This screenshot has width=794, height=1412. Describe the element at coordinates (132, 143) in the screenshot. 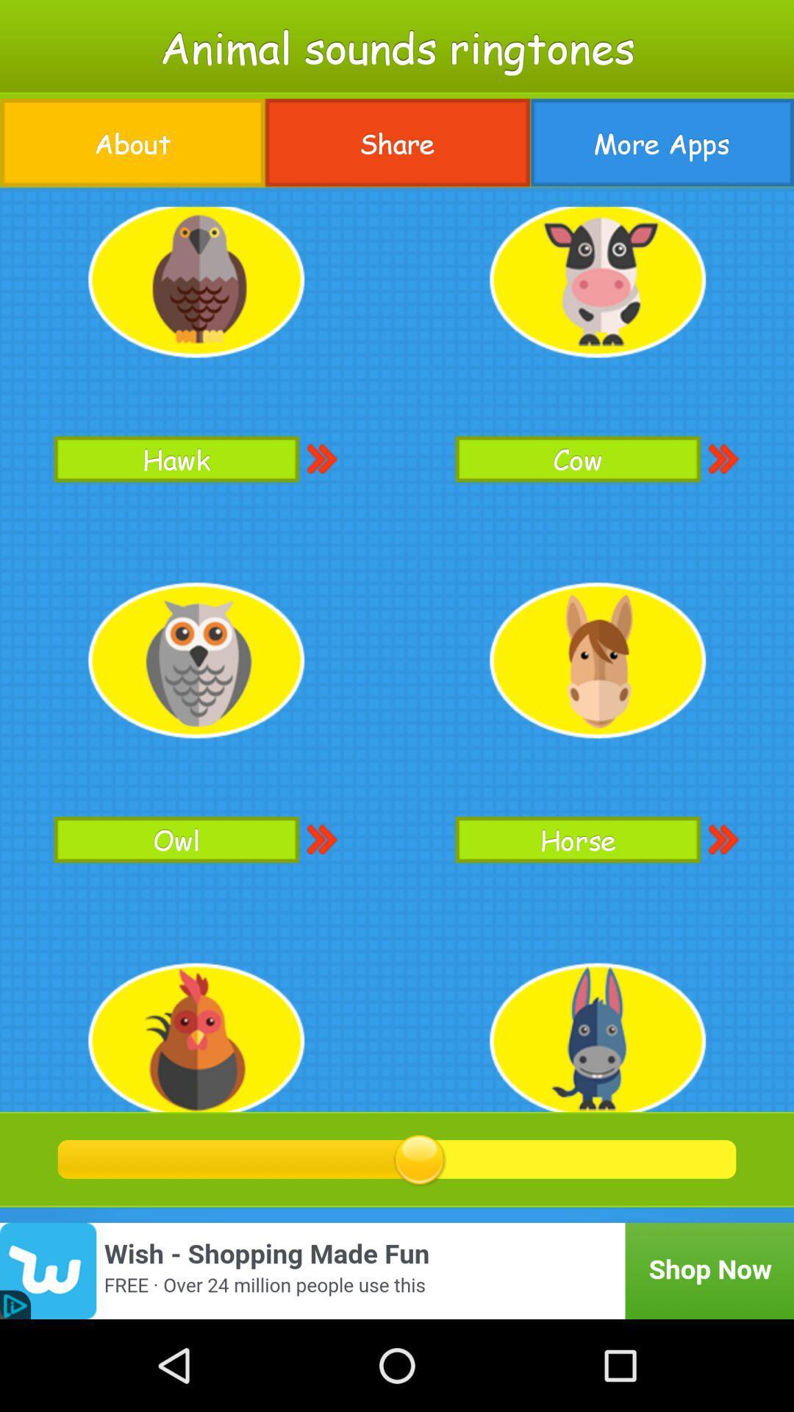

I see `the about button` at that location.